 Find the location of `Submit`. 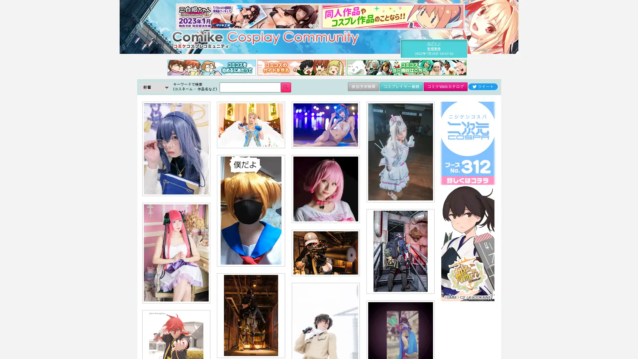

Submit is located at coordinates (285, 87).